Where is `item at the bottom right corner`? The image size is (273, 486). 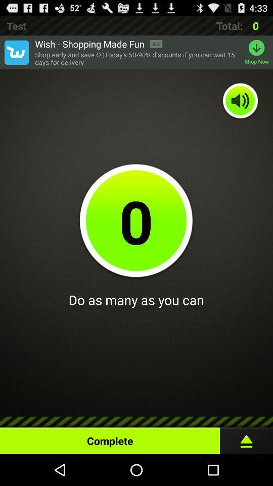
item at the bottom right corner is located at coordinates (246, 438).